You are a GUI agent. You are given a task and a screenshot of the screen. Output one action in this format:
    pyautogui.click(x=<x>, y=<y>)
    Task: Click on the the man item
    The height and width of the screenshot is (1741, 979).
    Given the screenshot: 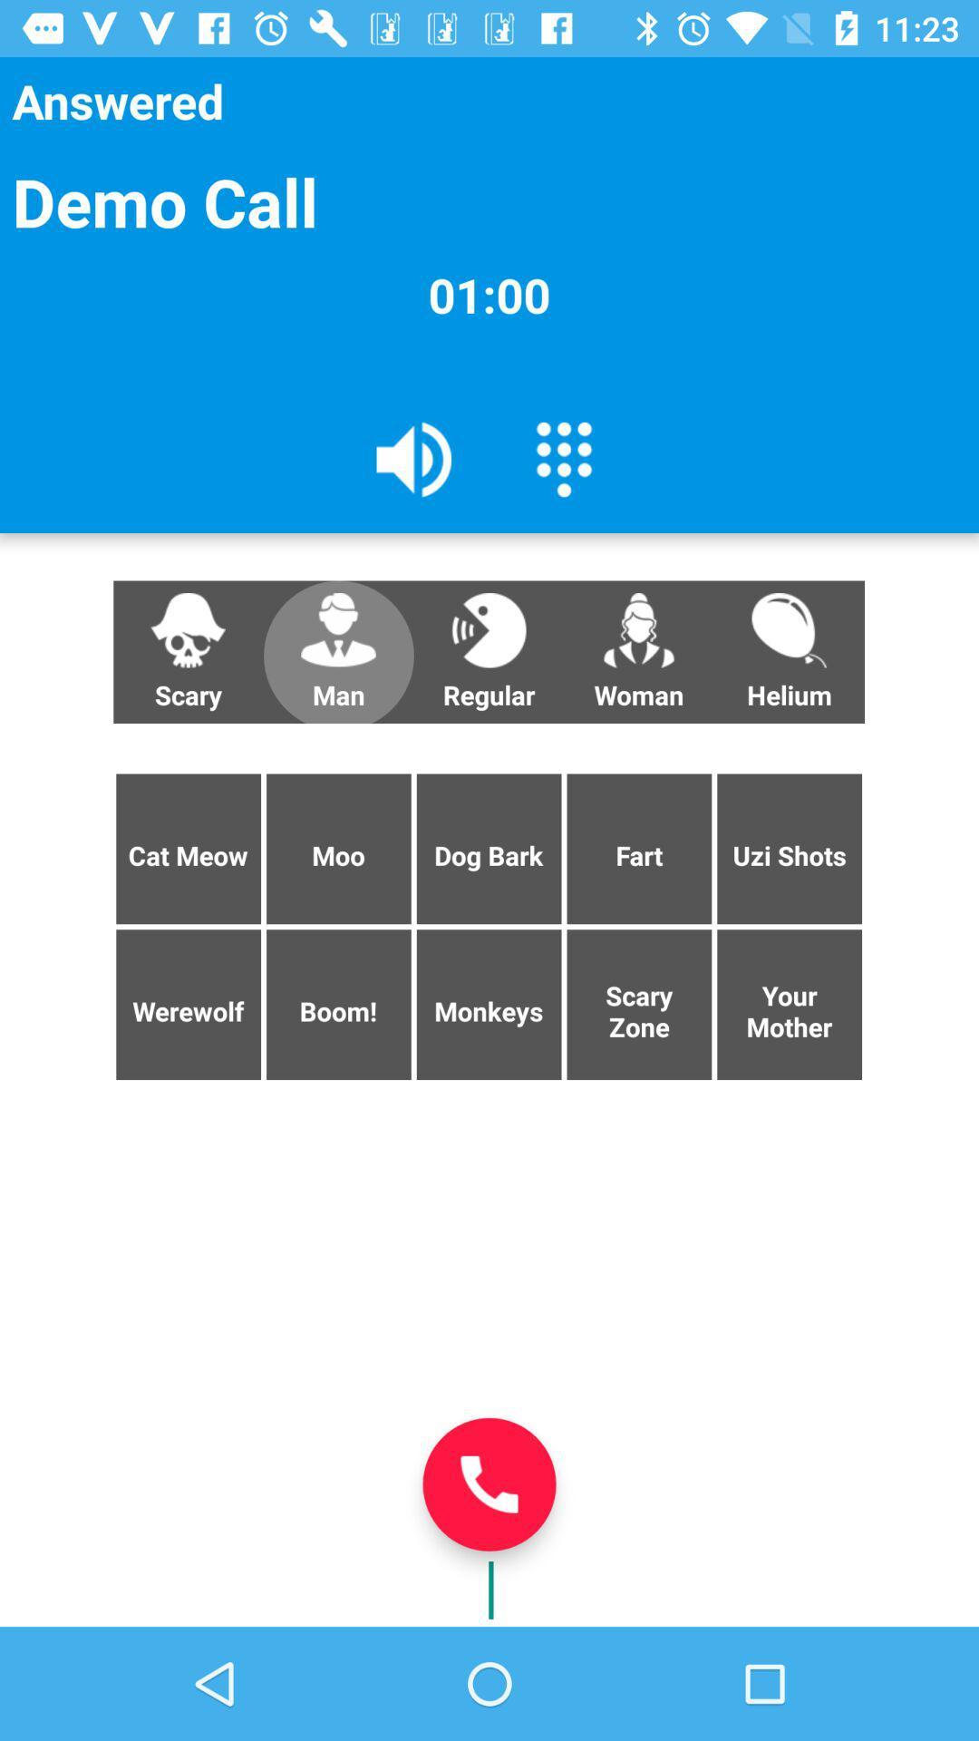 What is the action you would take?
    pyautogui.click(x=338, y=652)
    